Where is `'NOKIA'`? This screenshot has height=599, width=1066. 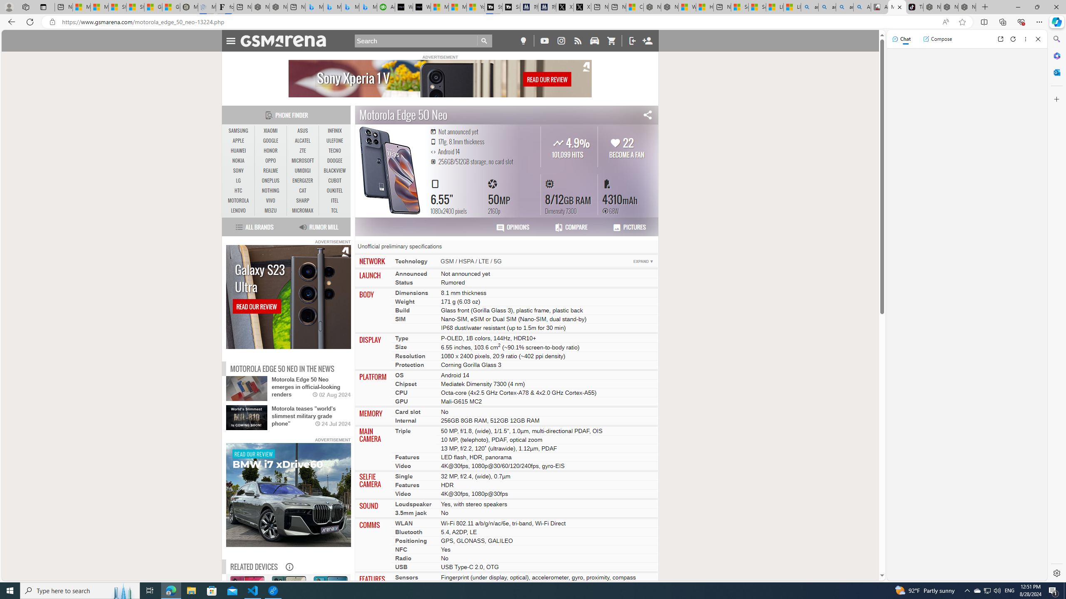
'NOKIA' is located at coordinates (238, 161).